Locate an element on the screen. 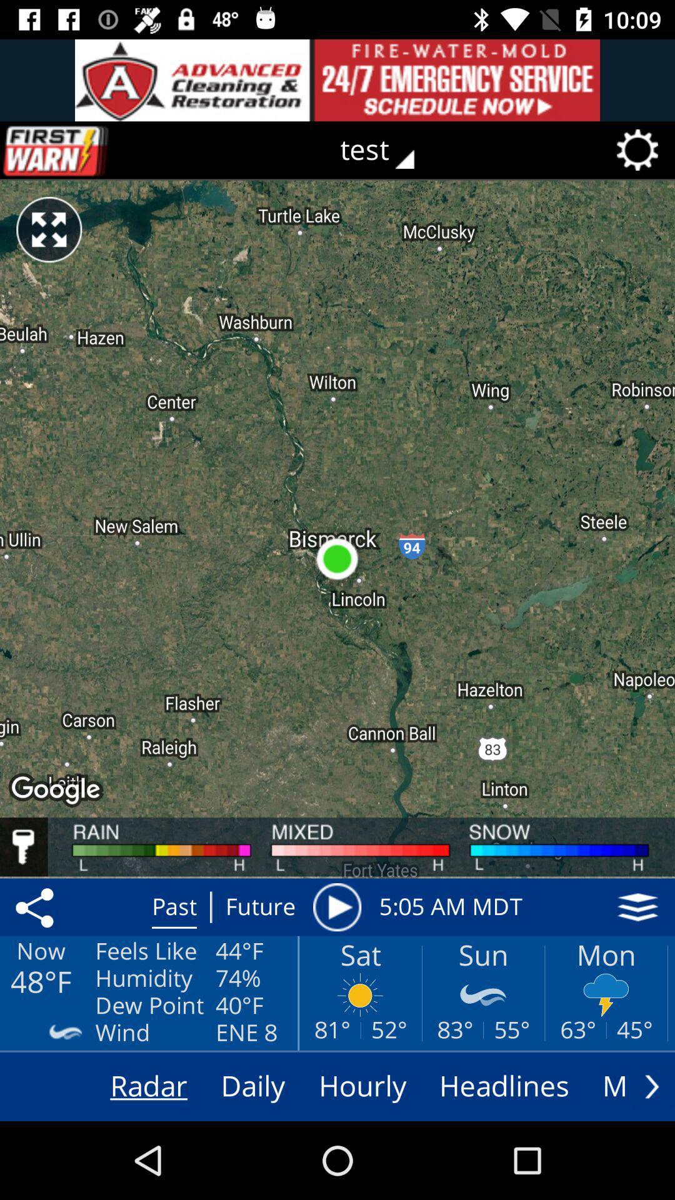 This screenshot has height=1200, width=675. timeline animation is located at coordinates (336, 907).